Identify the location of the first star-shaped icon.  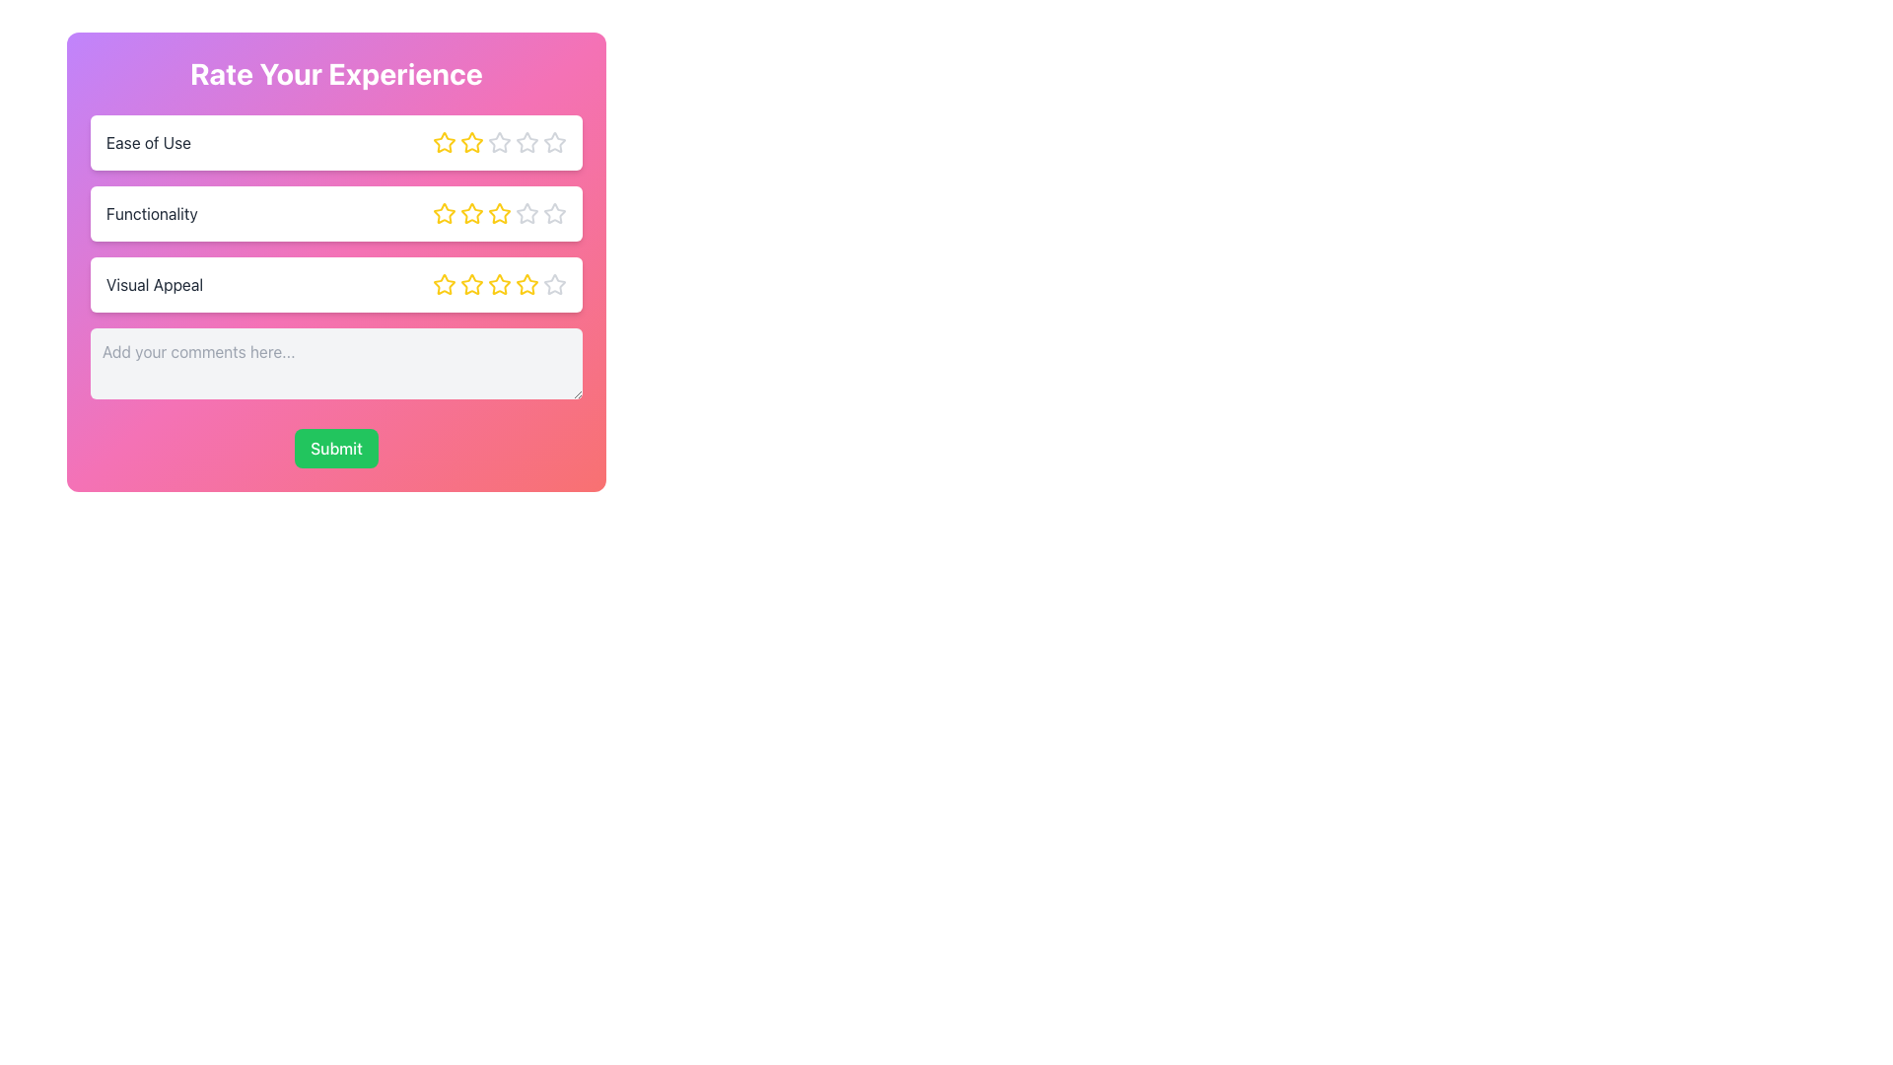
(444, 141).